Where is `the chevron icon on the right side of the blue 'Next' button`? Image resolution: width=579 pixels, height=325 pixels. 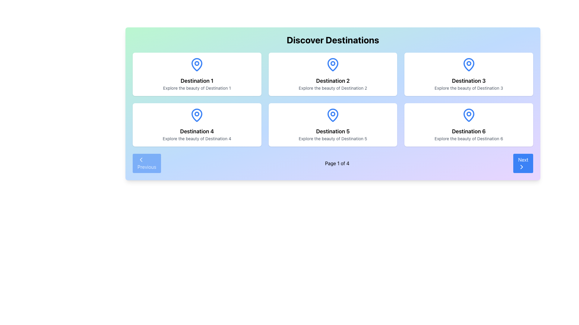 the chevron icon on the right side of the blue 'Next' button is located at coordinates (521, 167).